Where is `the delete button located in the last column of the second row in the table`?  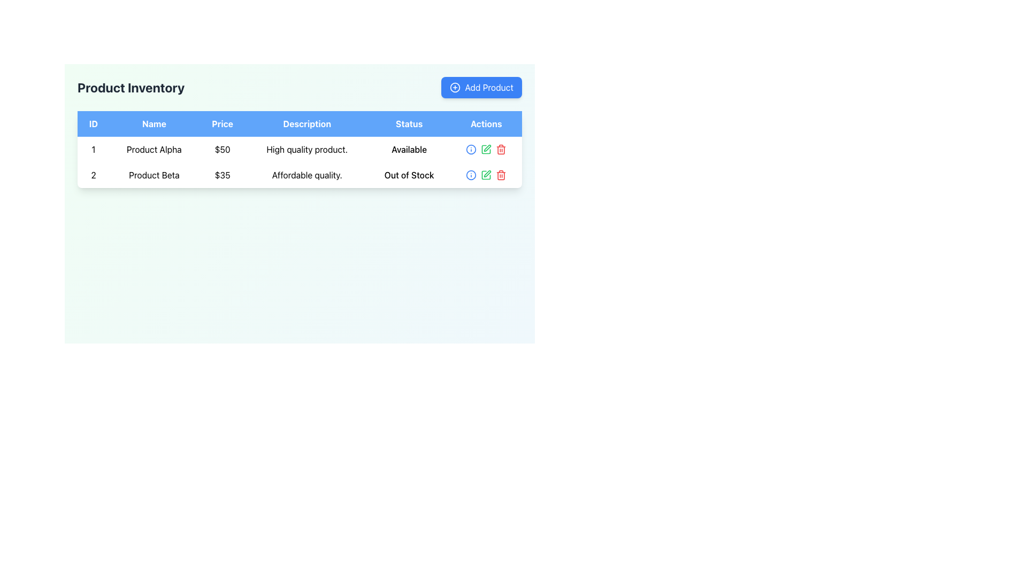
the delete button located in the last column of the second row in the table is located at coordinates (501, 150).